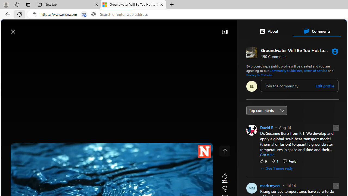  Describe the element at coordinates (84, 14) in the screenshot. I see `'Tabs in split screen'` at that location.